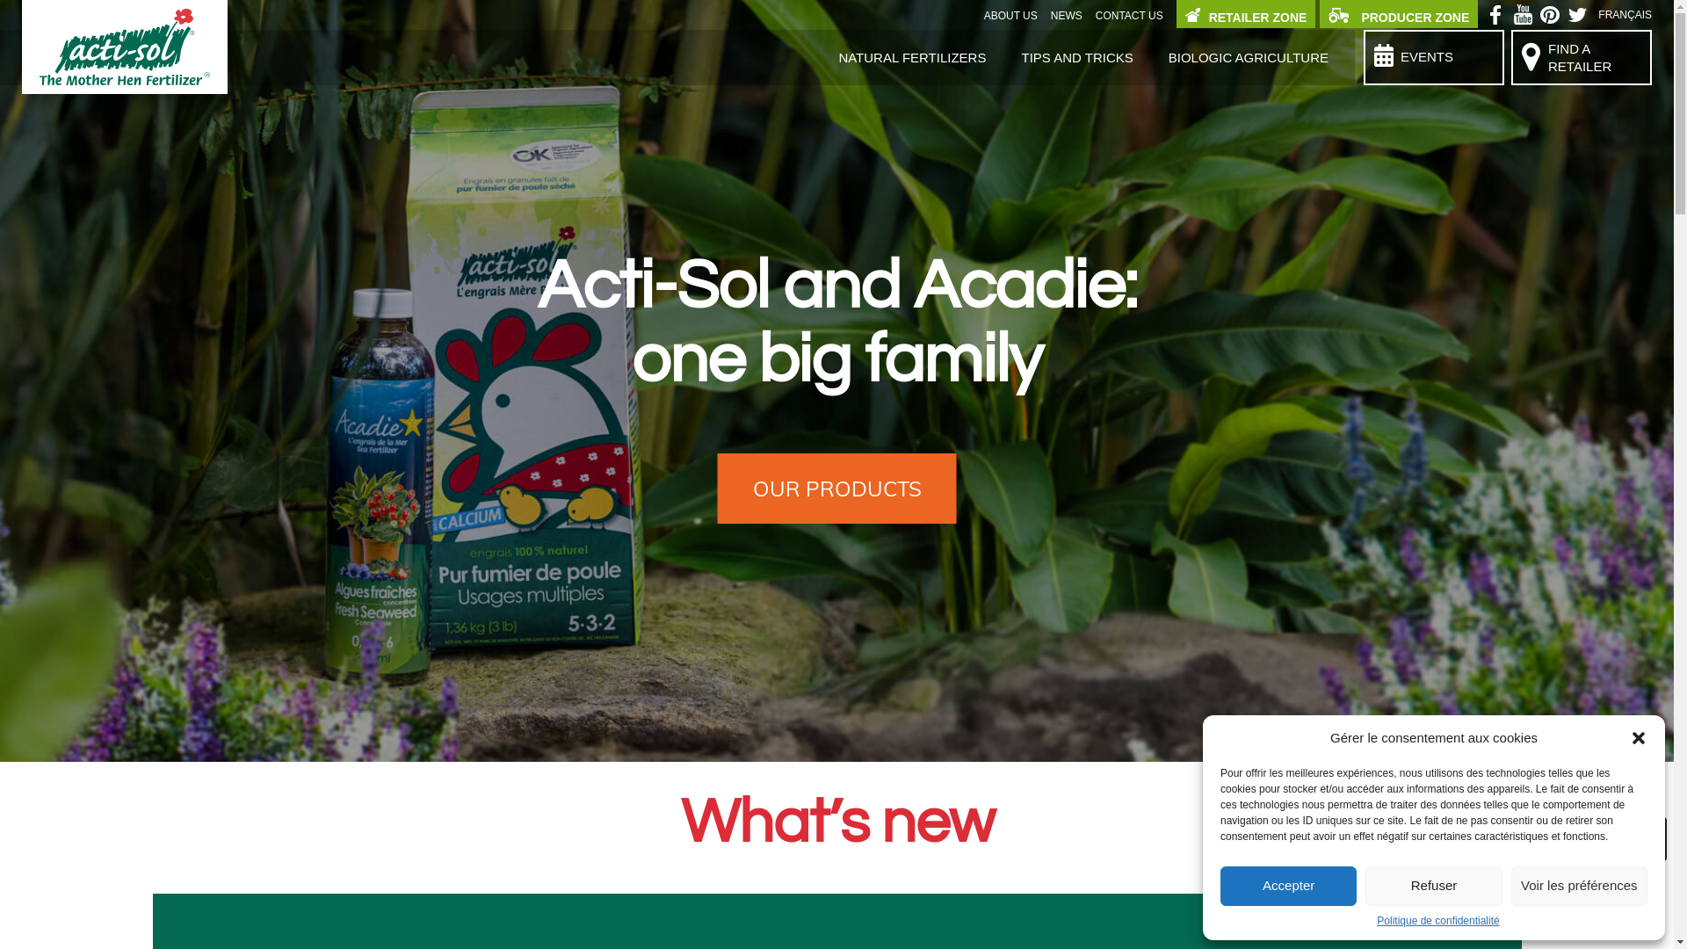  I want to click on 'YOUTUBE @EN', so click(1524, 18).